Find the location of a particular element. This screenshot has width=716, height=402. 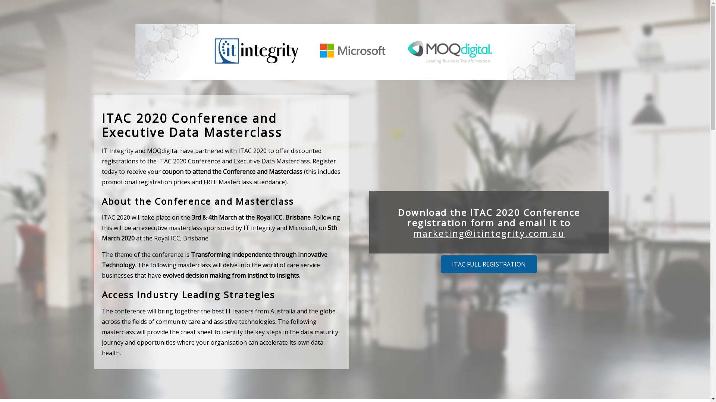

'marketing@itintegrity.com.au' is located at coordinates (489, 233).